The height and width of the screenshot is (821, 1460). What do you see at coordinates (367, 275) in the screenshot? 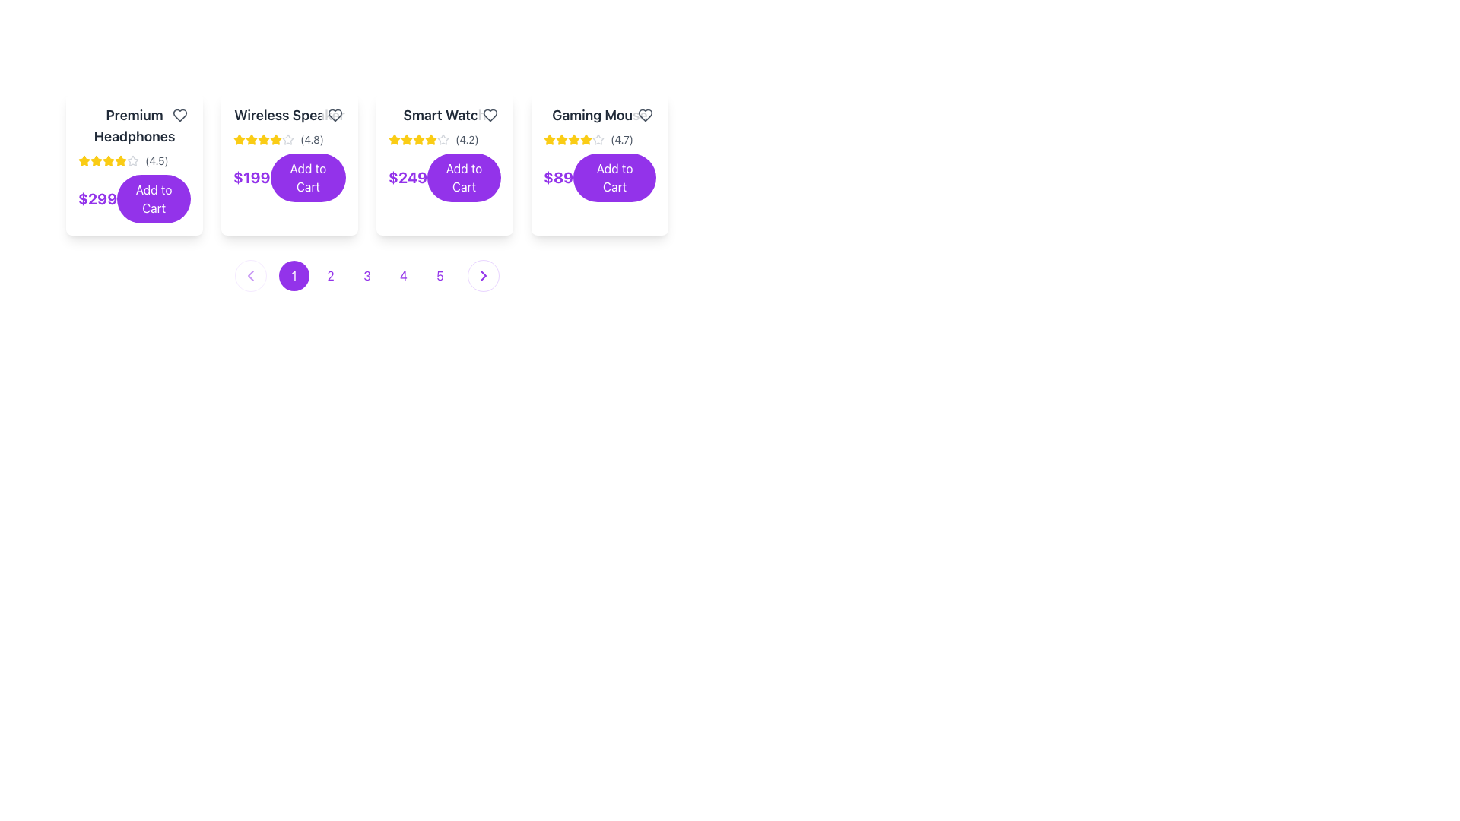
I see `the circular button labeled '3'` at bounding box center [367, 275].